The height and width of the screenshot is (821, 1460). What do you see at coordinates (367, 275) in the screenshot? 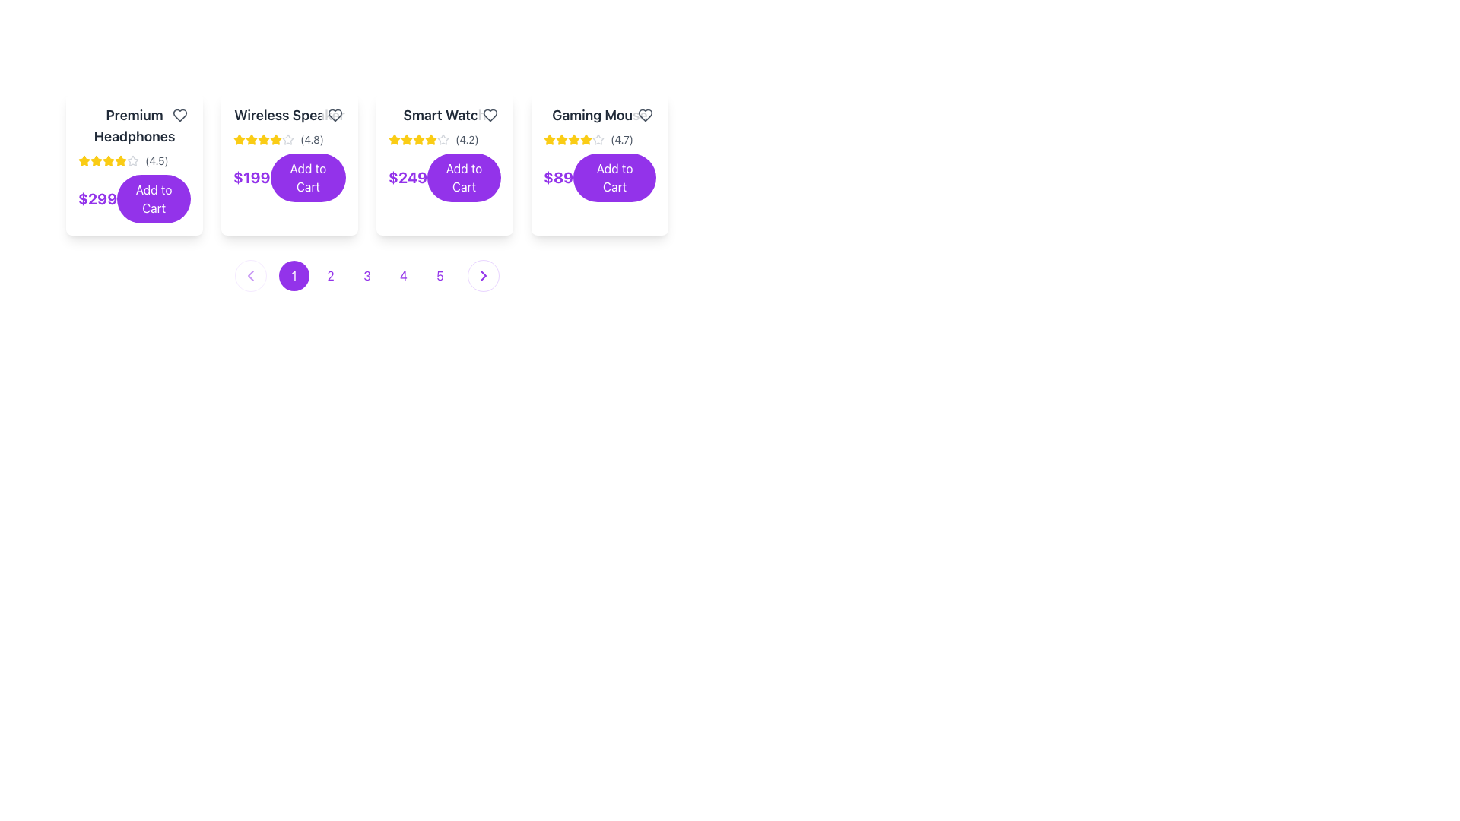
I see `the circular button labeled '3'` at bounding box center [367, 275].